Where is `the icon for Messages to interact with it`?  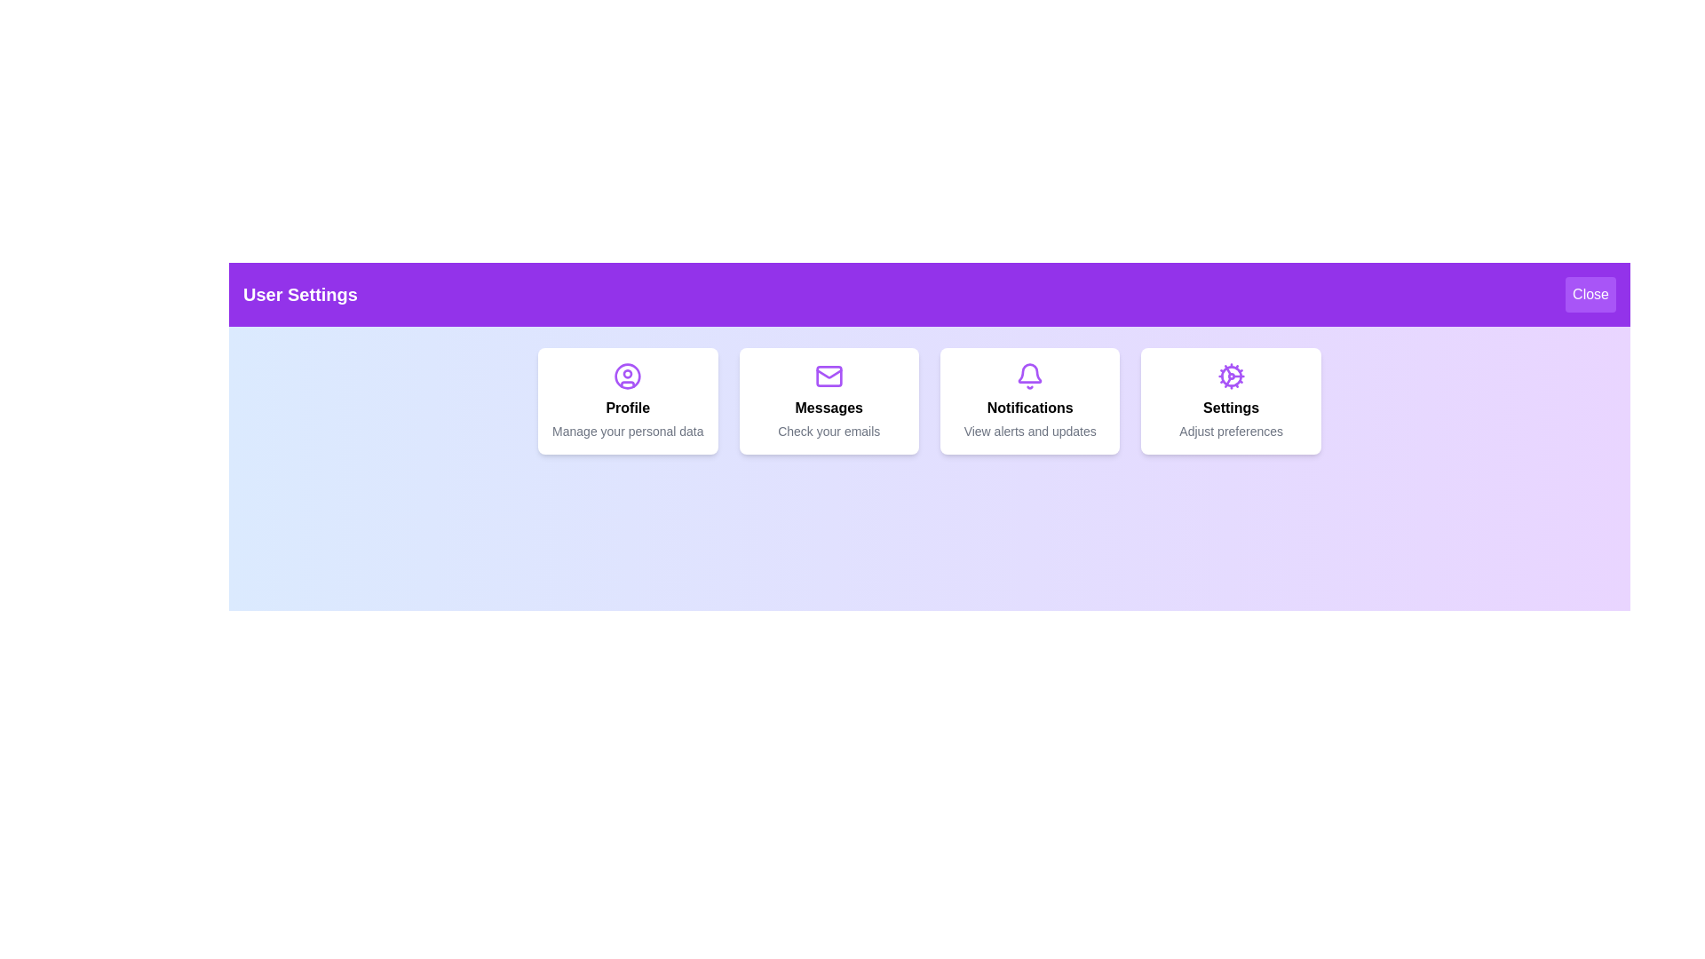
the icon for Messages to interact with it is located at coordinates (827, 376).